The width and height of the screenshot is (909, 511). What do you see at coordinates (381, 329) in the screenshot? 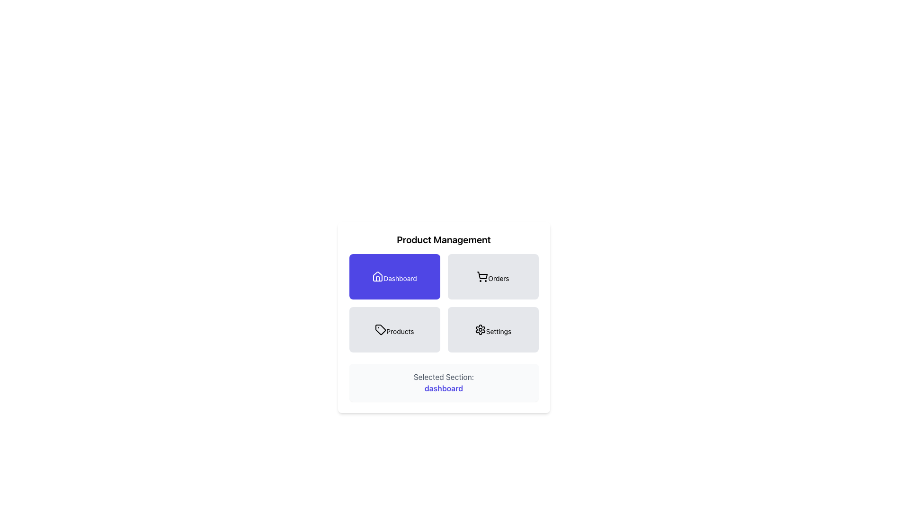
I see `the decorative icon representing the 'Products' section, located in the second row, first column under 'Product Management'` at bounding box center [381, 329].